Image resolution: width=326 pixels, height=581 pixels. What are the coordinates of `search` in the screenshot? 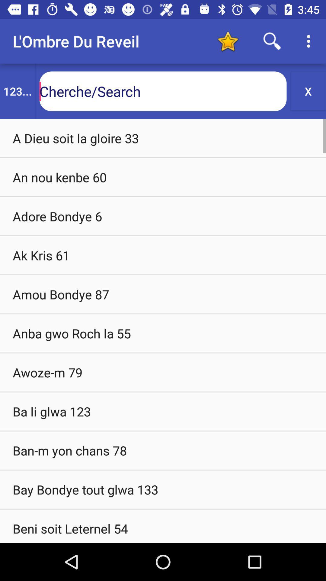 It's located at (272, 41).